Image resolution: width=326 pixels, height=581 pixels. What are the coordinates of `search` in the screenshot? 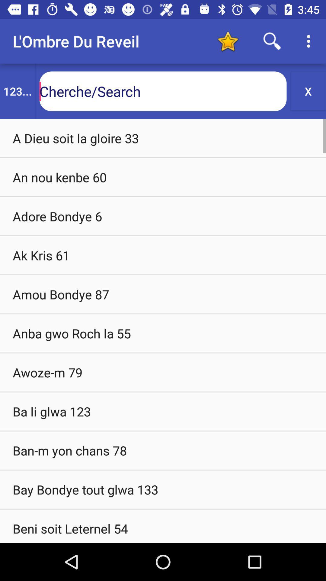 It's located at (272, 41).